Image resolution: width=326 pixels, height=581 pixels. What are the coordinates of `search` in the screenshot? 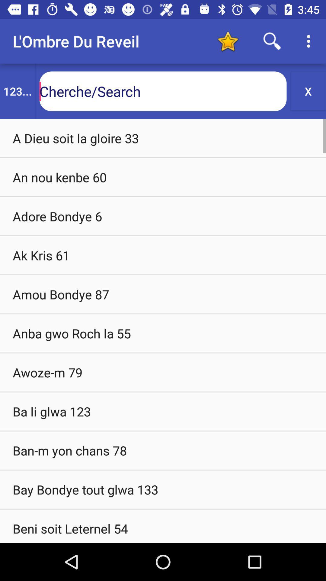 It's located at (272, 41).